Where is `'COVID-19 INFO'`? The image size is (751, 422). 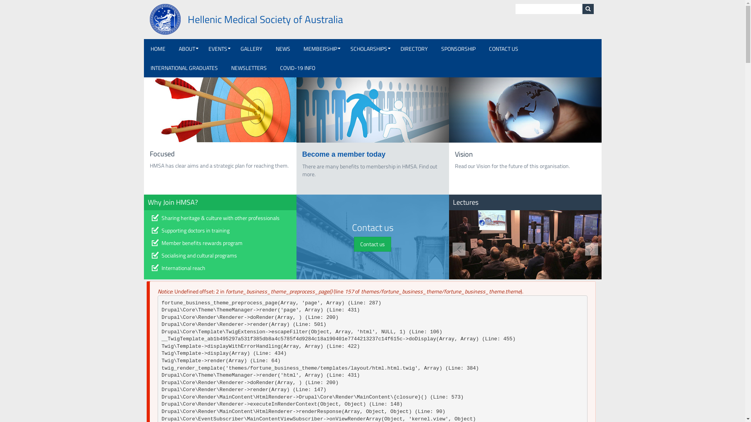 'COVID-19 INFO' is located at coordinates (296, 67).